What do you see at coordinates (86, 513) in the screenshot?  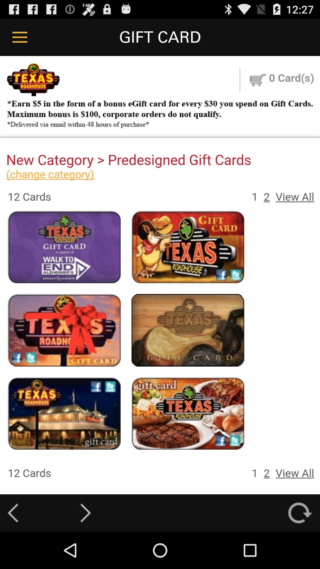 I see `next` at bounding box center [86, 513].